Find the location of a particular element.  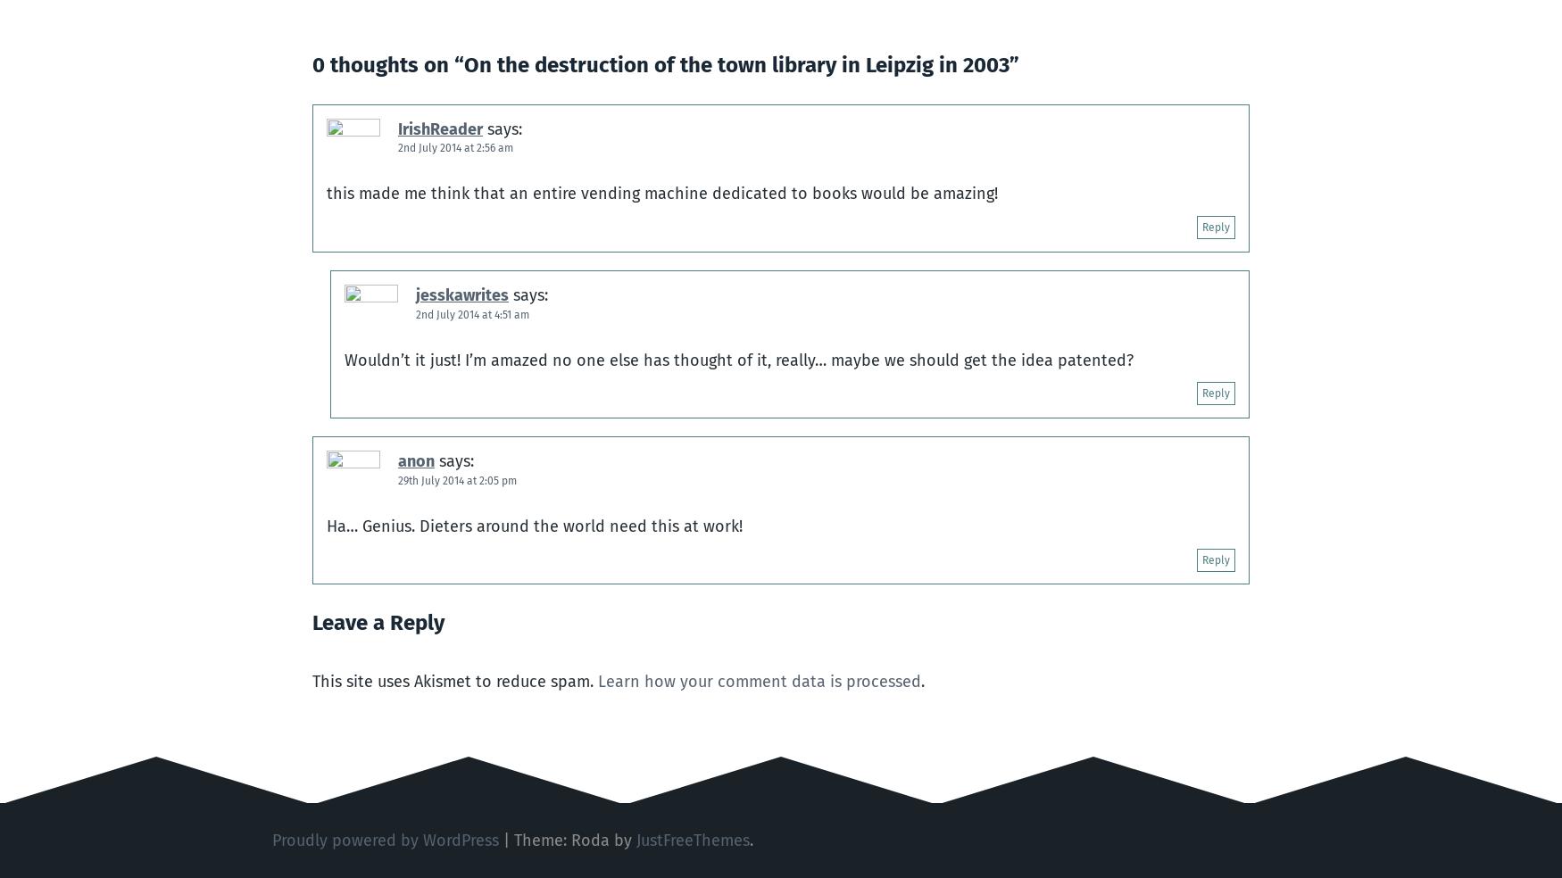

'Ha… Genius. Dieters around the world need this at work!' is located at coordinates (535, 525).